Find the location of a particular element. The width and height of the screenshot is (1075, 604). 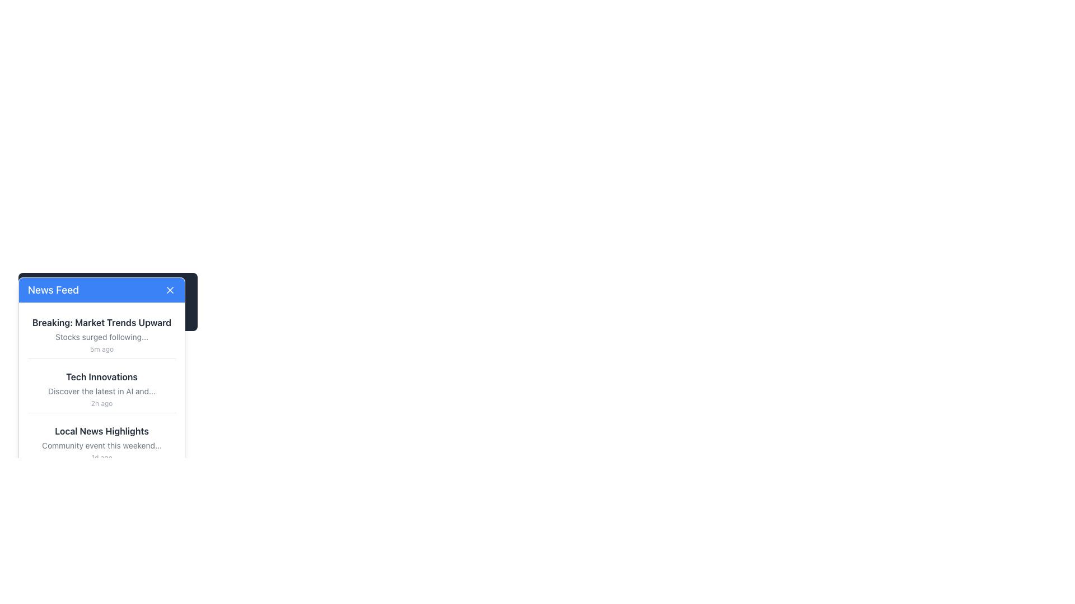

the text element that provides a brief description or preview of a news item, located below the 'Local News Highlights' title and above the timestamp '1d ago' is located at coordinates (102, 445).